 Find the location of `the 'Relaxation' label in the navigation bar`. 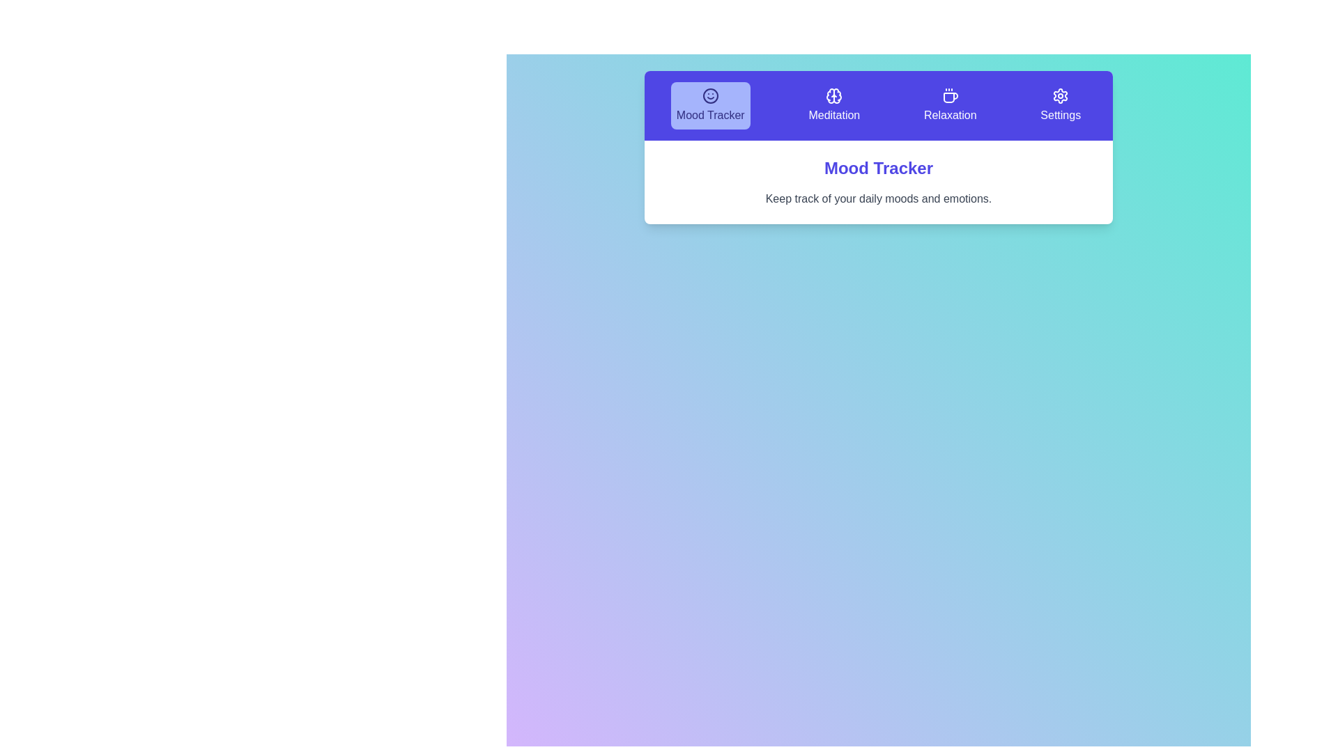

the 'Relaxation' label in the navigation bar is located at coordinates (949, 114).